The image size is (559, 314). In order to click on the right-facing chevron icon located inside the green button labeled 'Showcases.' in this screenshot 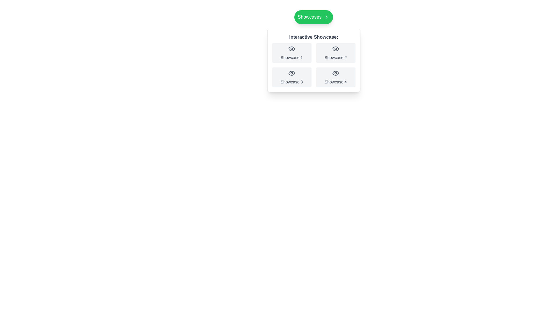, I will do `click(327, 17)`.